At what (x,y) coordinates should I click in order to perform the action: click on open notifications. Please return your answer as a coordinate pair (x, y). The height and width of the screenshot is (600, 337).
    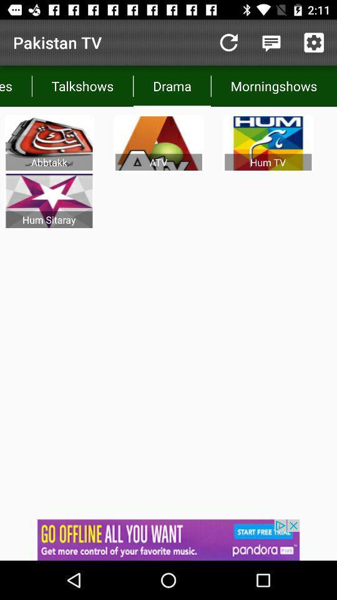
    Looking at the image, I should click on (271, 42).